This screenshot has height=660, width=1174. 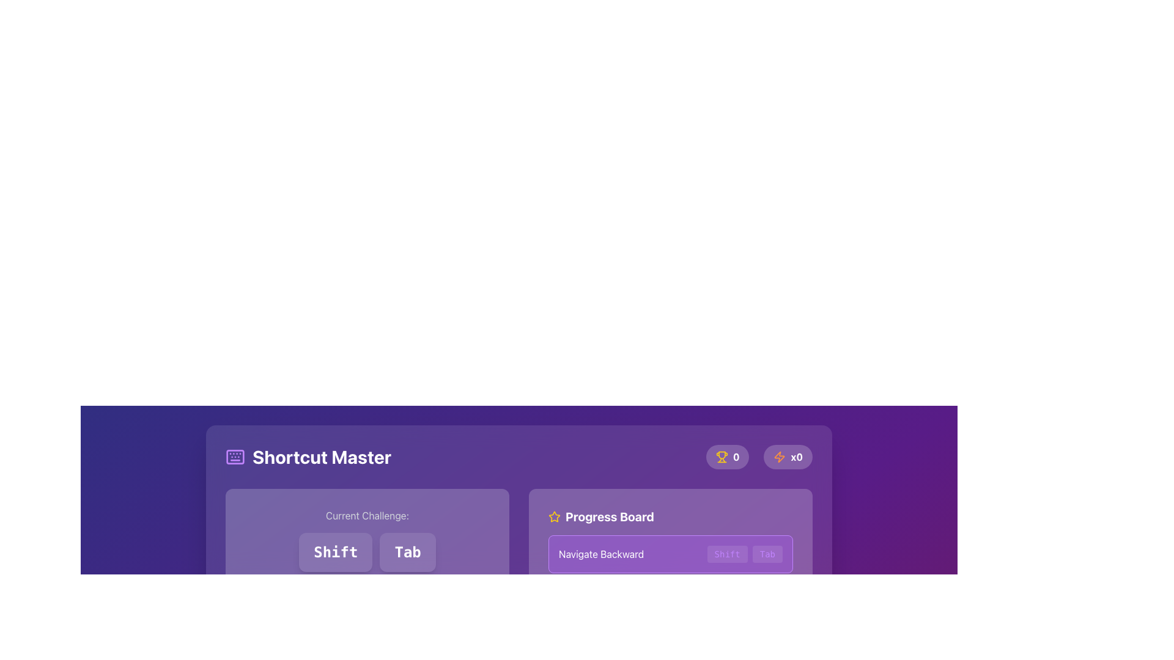 What do you see at coordinates (727, 554) in the screenshot?
I see `the 'Shift' key label/button, which is the first of two horizontally aligned buttons in the 'Progress Board' section of the UI` at bounding box center [727, 554].